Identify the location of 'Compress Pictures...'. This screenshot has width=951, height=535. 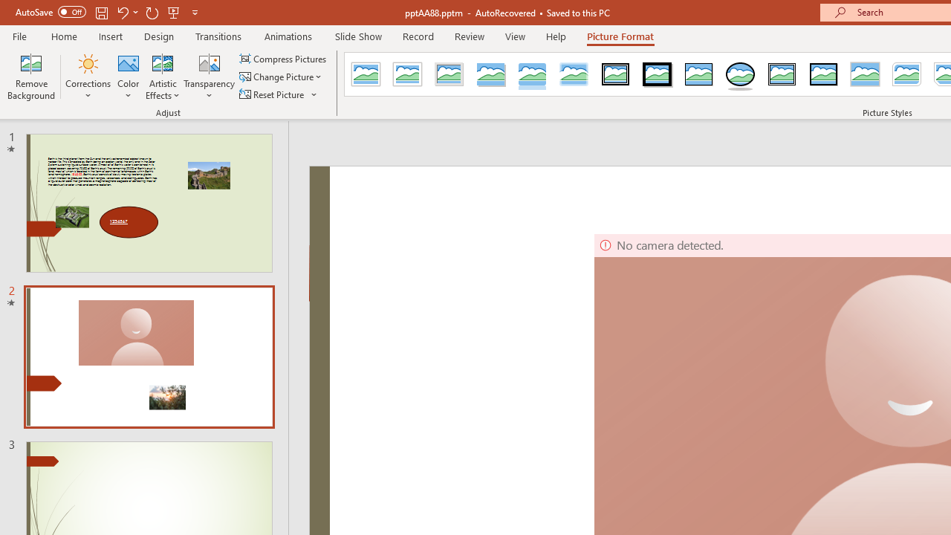
(284, 58).